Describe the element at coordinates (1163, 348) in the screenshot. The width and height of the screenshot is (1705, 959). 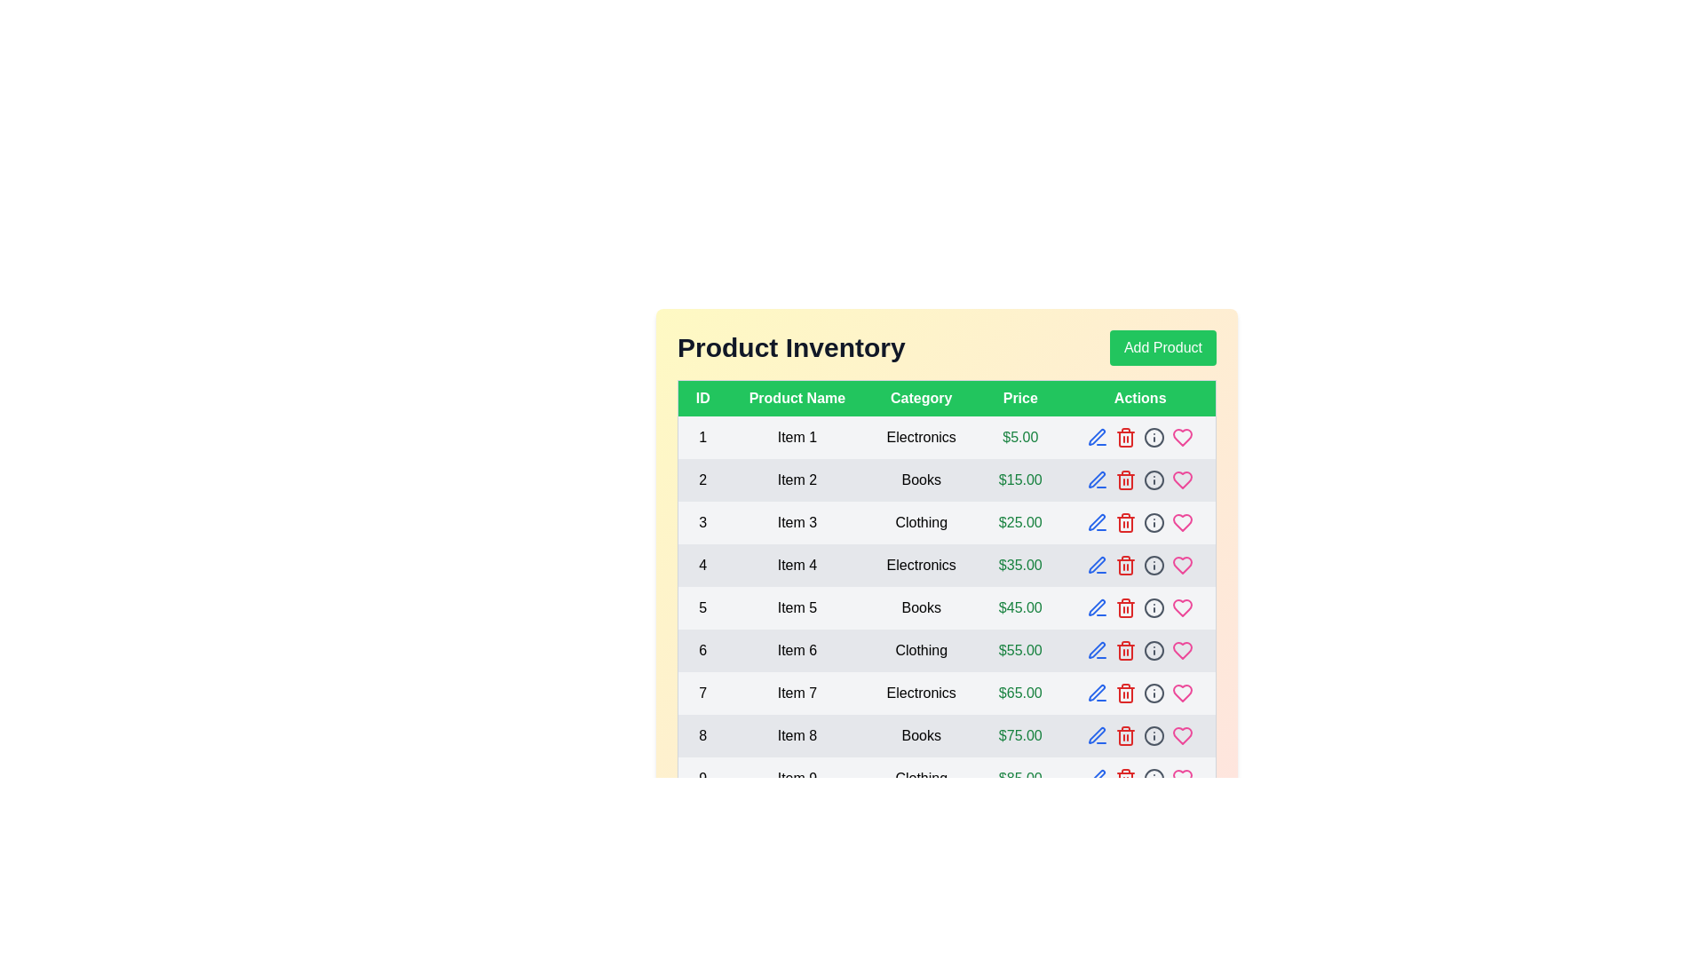
I see `the 'Add Product' button to add a new product to the table` at that location.